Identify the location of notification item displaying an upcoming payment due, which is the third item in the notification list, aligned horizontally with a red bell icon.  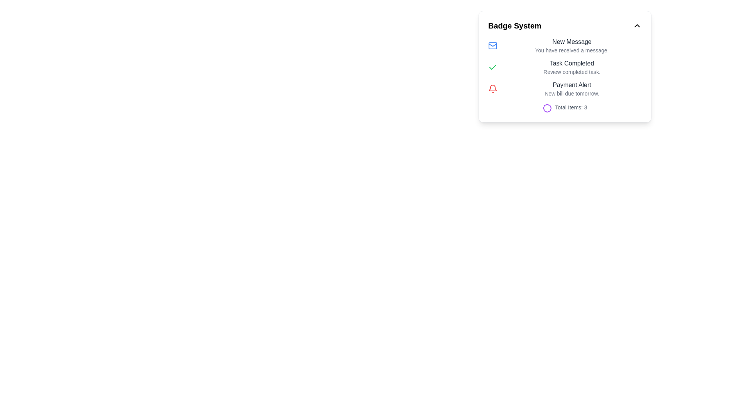
(572, 89).